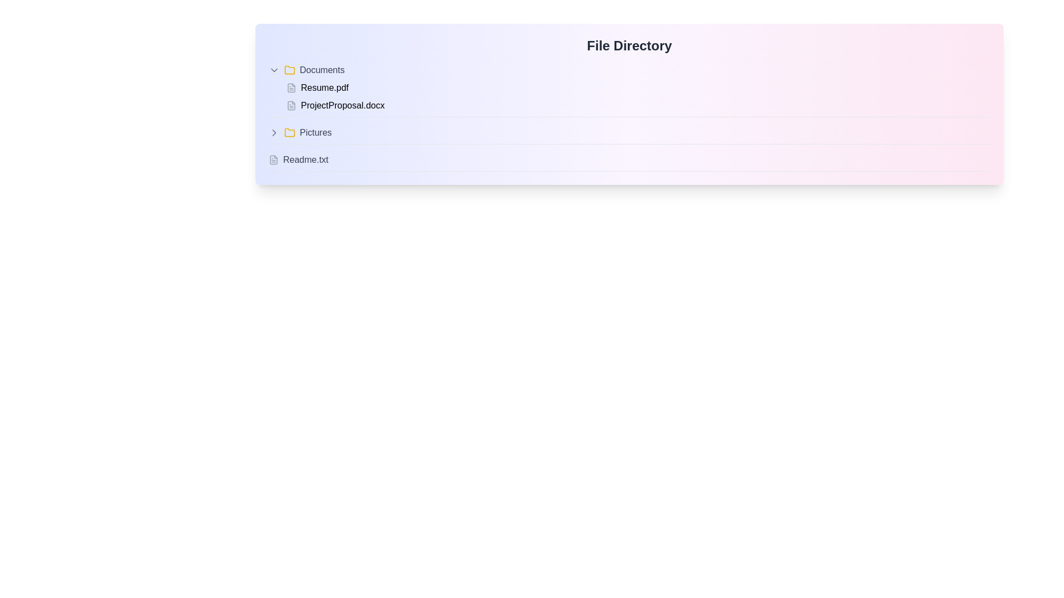  Describe the element at coordinates (630, 134) in the screenshot. I see `the 'Pictures' folder item` at that location.